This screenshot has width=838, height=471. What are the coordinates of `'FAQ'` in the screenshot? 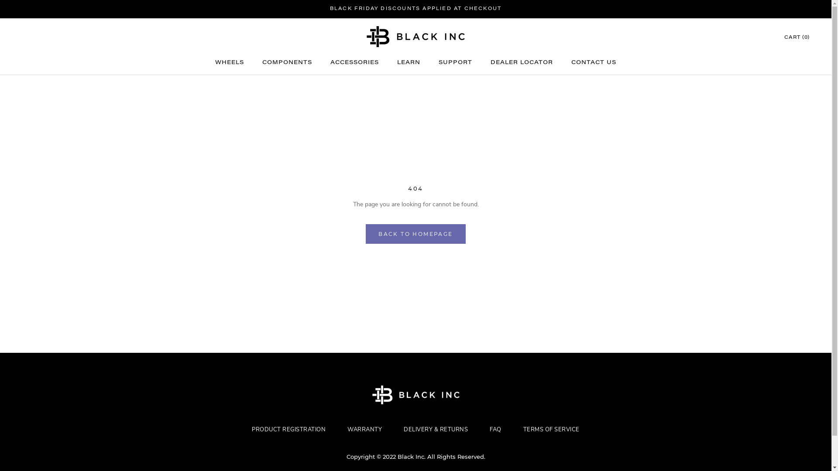 It's located at (478, 429).